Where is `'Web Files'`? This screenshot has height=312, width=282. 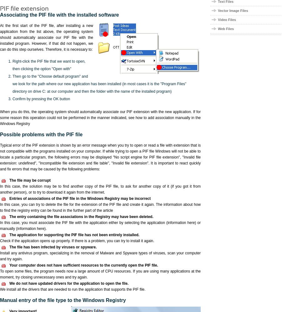
'Web Files' is located at coordinates (218, 29).